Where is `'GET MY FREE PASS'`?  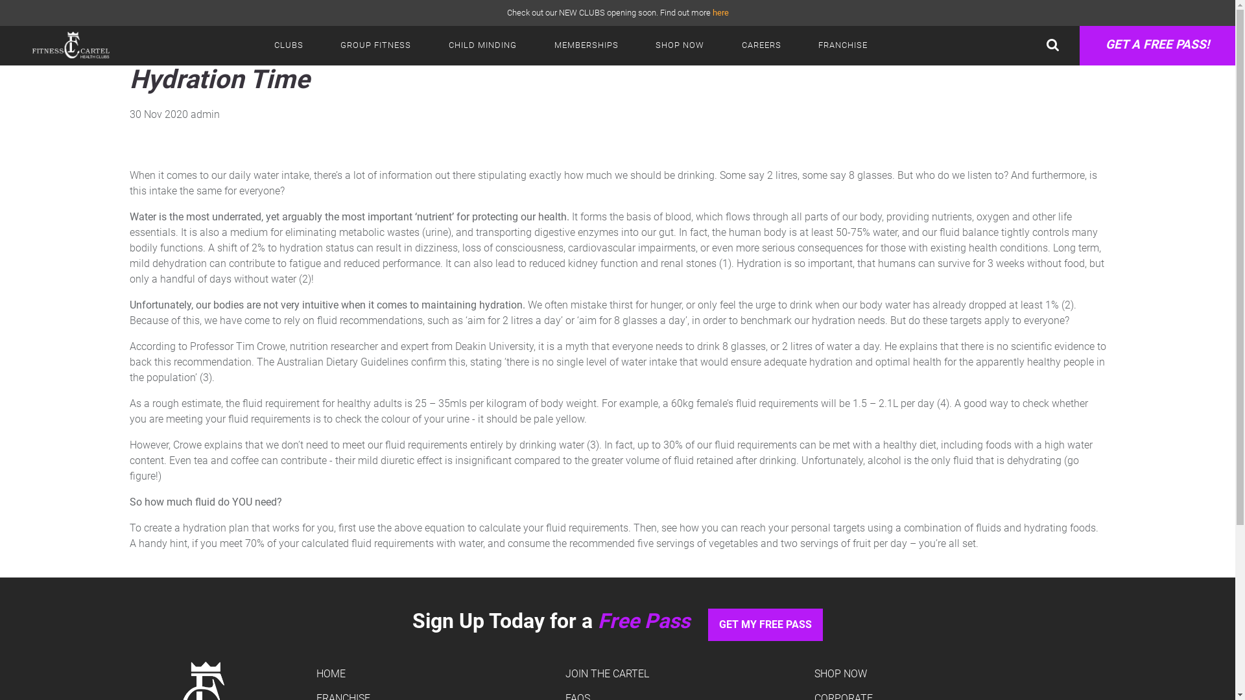
'GET MY FREE PASS' is located at coordinates (765, 624).